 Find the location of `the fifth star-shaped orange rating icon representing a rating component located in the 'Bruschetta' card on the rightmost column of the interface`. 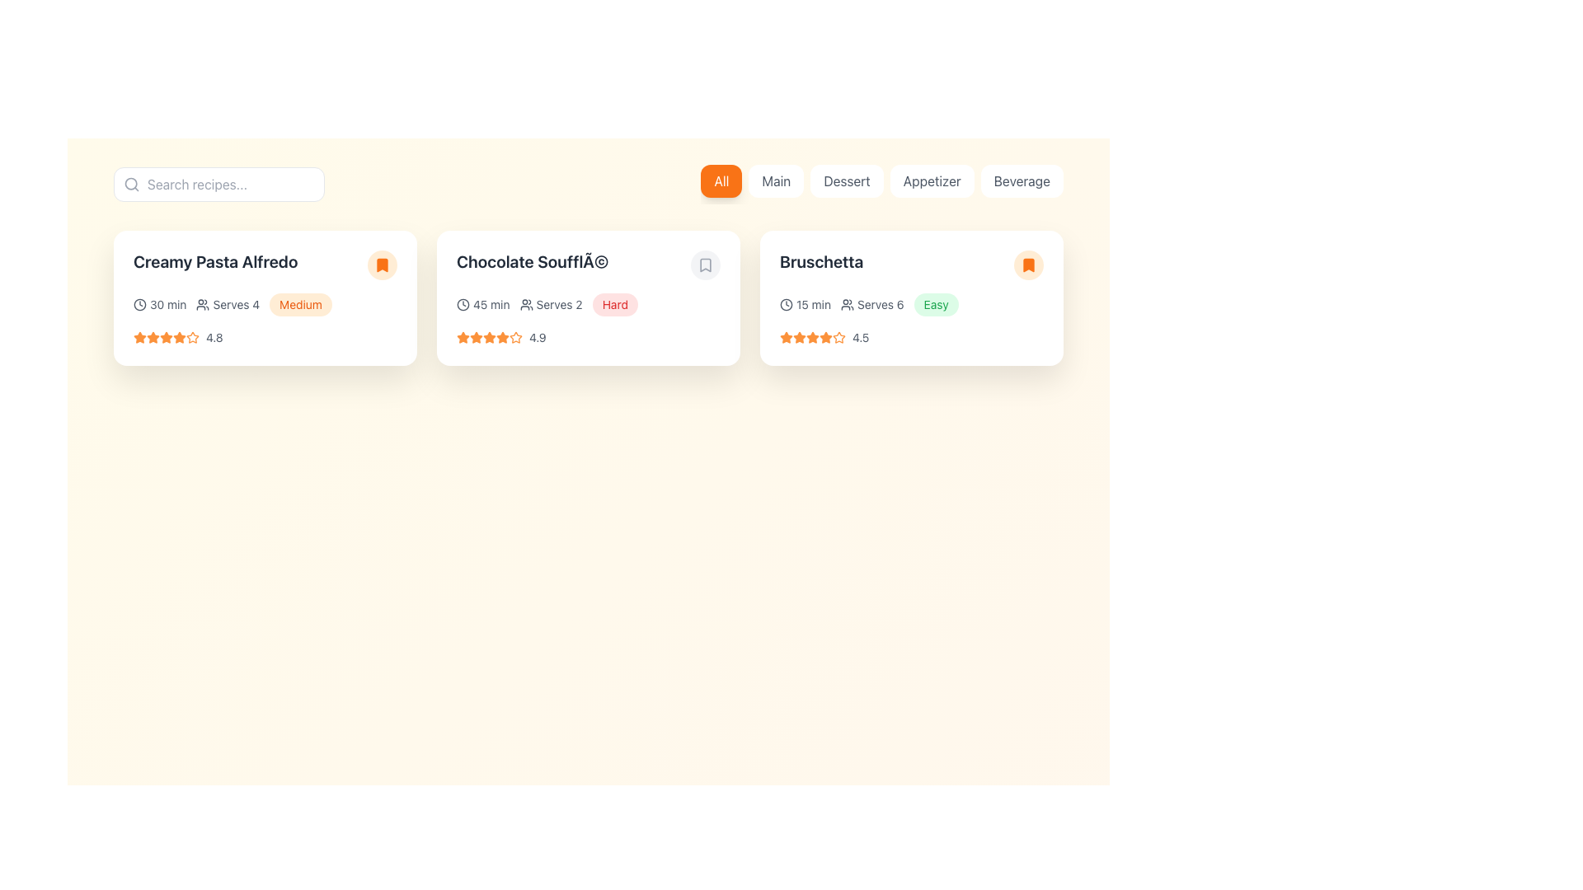

the fifth star-shaped orange rating icon representing a rating component located in the 'Bruschetta' card on the rightmost column of the interface is located at coordinates (812, 336).